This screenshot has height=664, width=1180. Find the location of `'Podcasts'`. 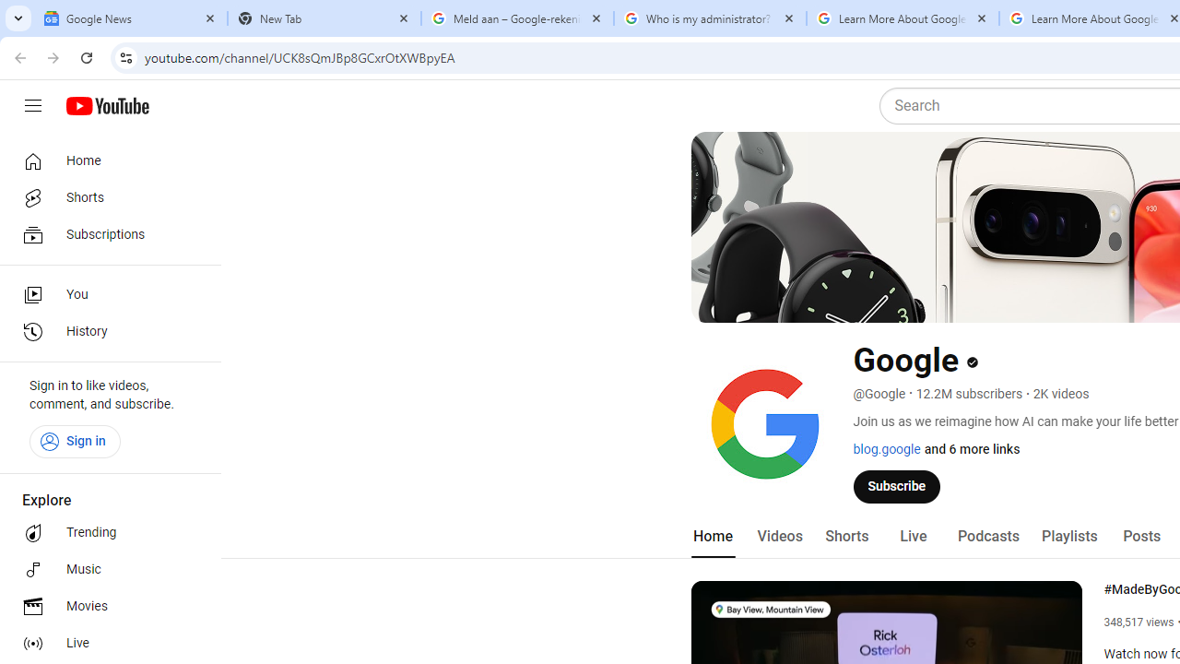

'Podcasts' is located at coordinates (987, 536).